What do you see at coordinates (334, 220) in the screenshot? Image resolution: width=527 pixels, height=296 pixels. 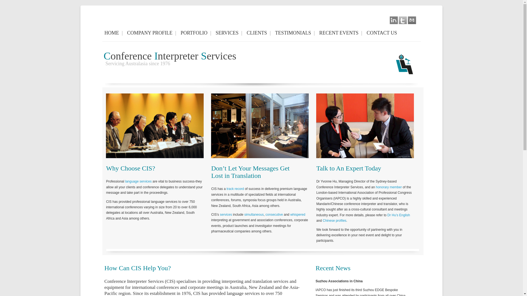 I see `'Chinese profiles'` at bounding box center [334, 220].